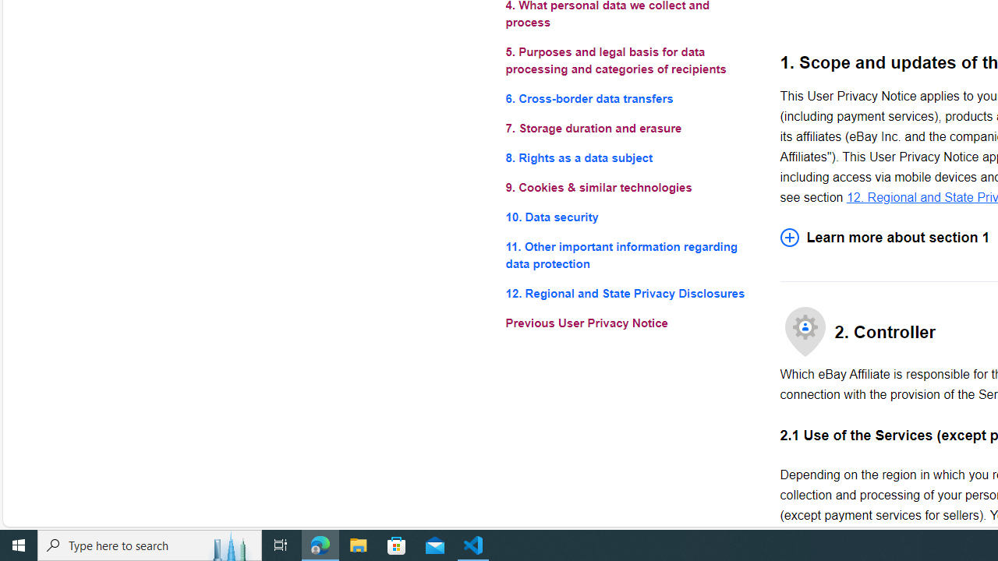  I want to click on '10. Data security', so click(630, 217).